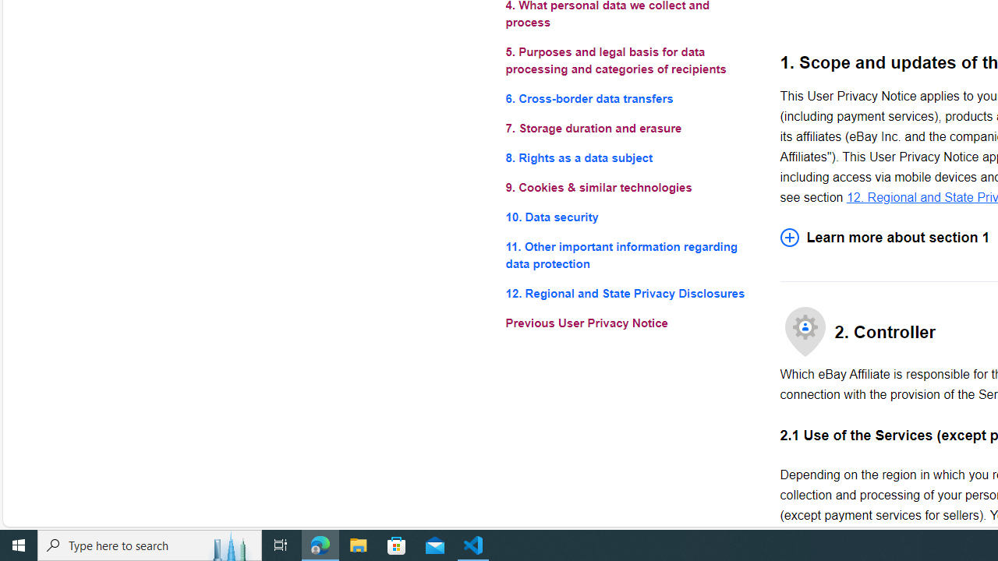  I want to click on '10. Data security', so click(630, 217).